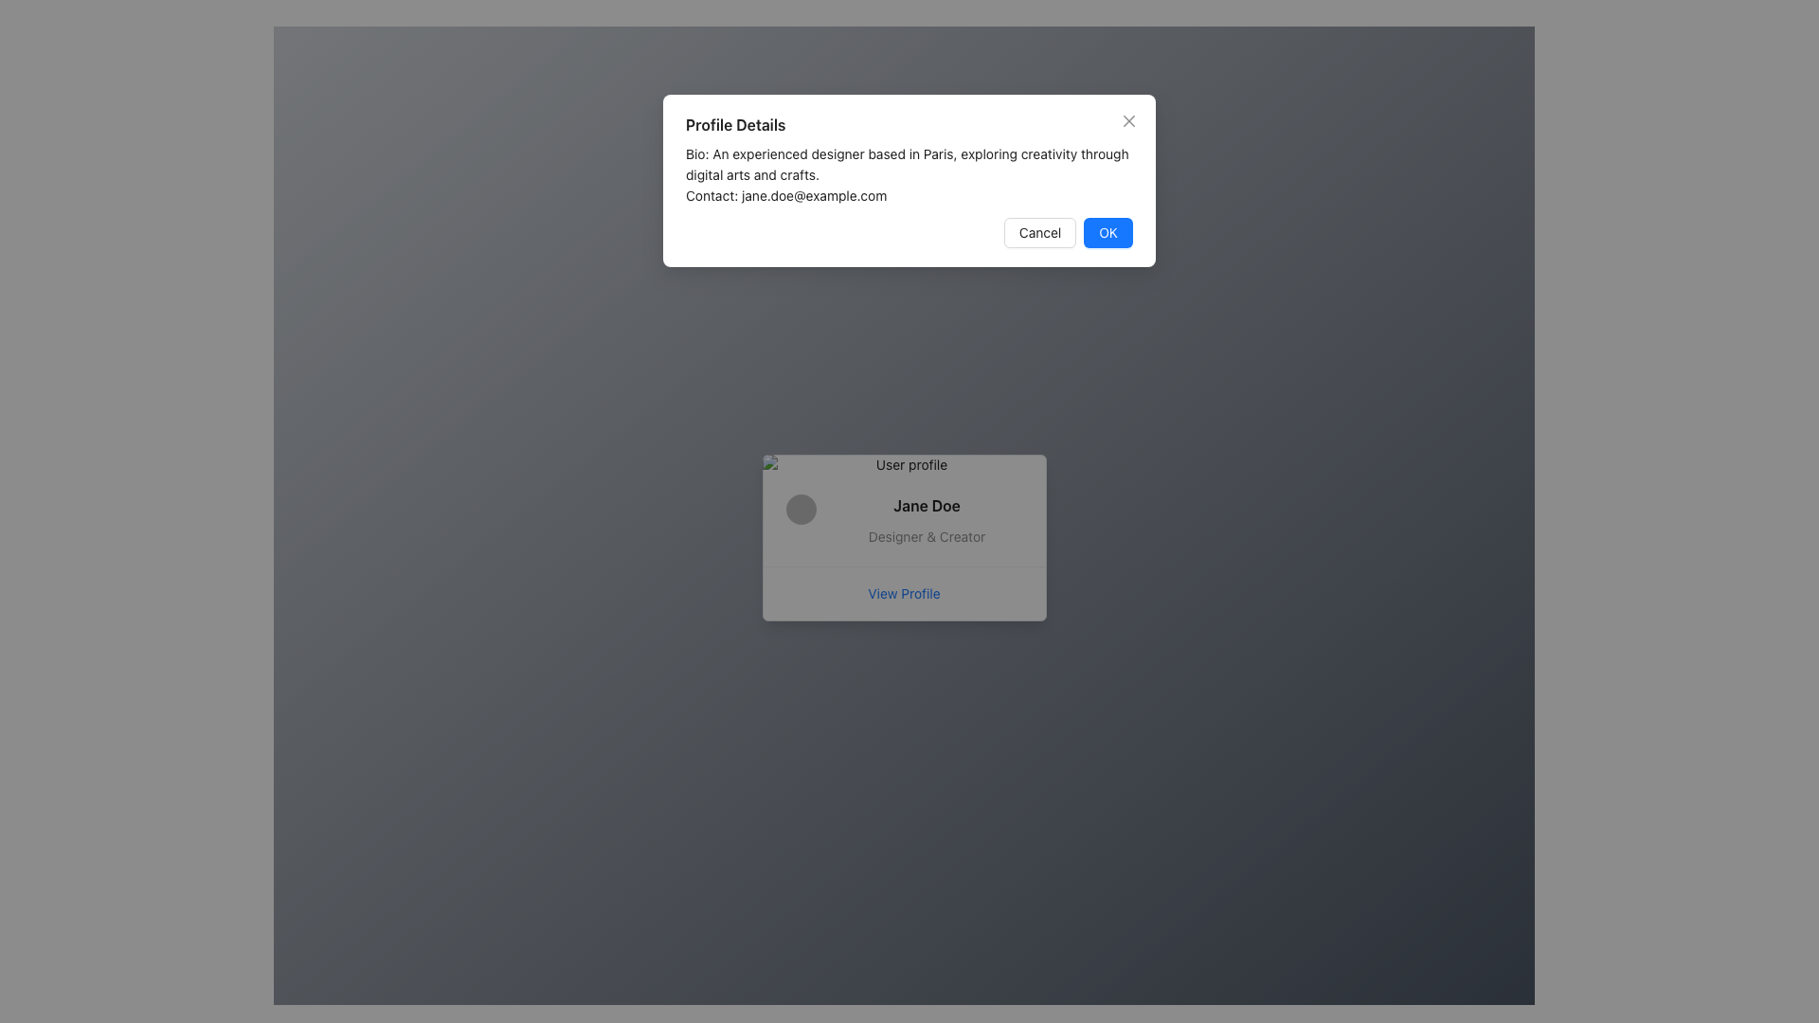  I want to click on displayed name and designation from the text display component located centrally within the user profile card, positioned below the avatar image and above the 'View Profile' link, so click(903, 520).